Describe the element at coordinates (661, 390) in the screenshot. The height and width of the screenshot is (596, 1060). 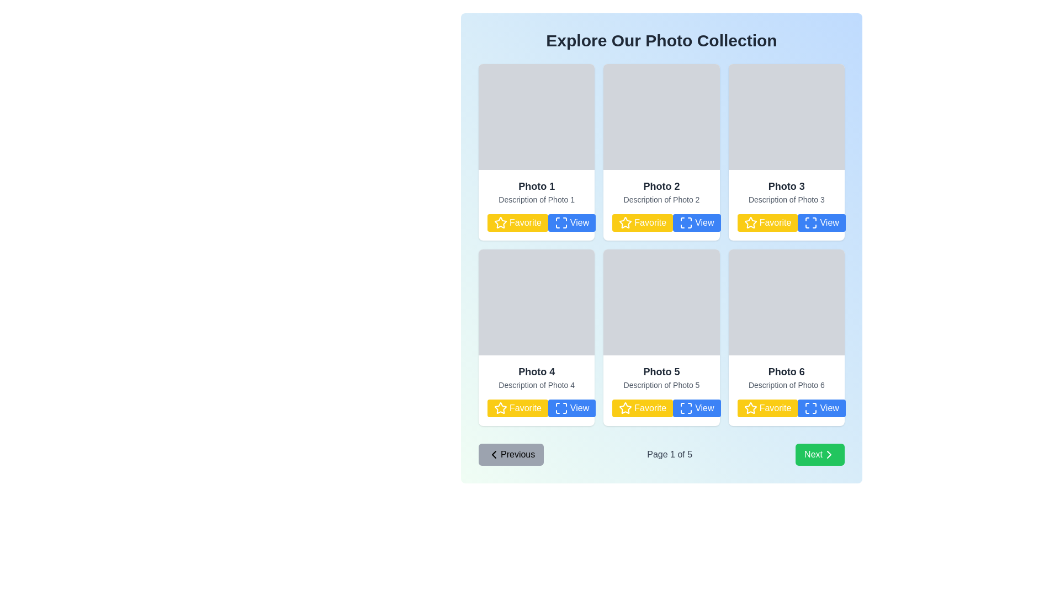
I see `the 'Favorite' button on the Card Component showcasing 'Photo 5', which is the fifth entry in the grid layout` at that location.